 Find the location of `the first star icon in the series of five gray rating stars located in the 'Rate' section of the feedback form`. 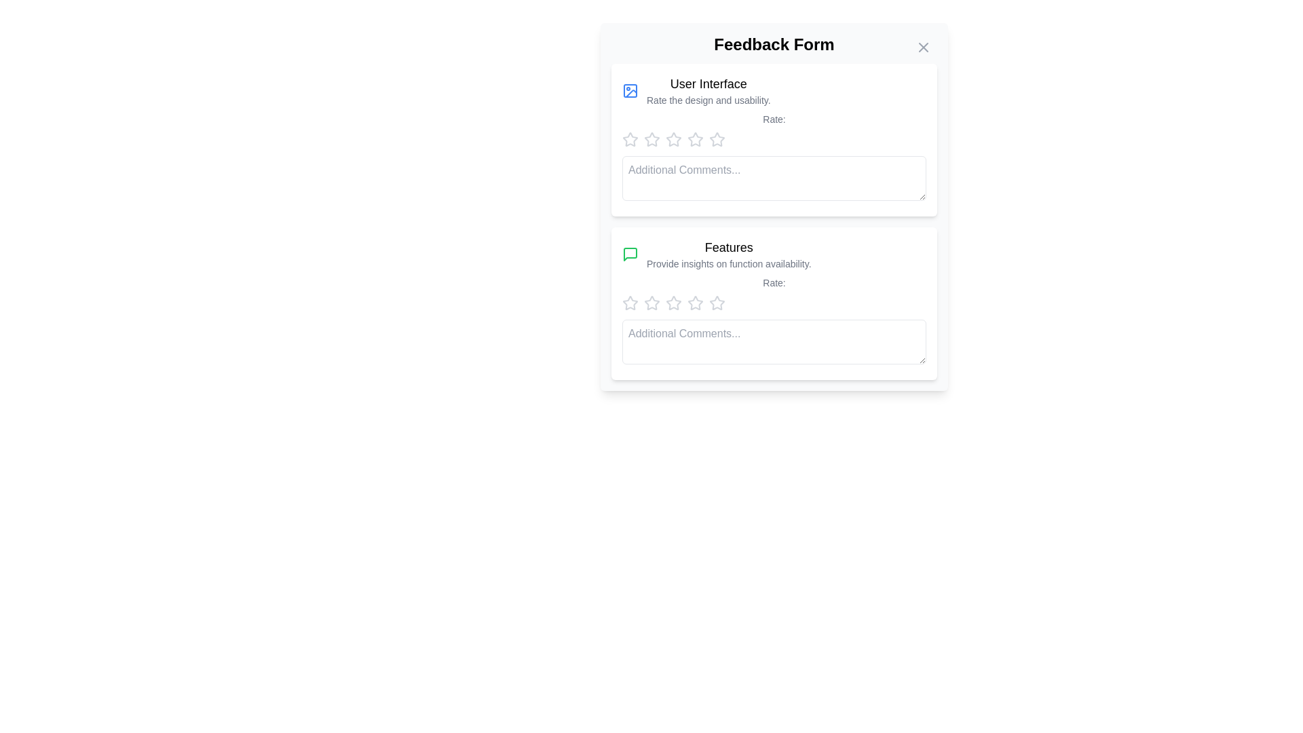

the first star icon in the series of five gray rating stars located in the 'Rate' section of the feedback form is located at coordinates (630, 139).